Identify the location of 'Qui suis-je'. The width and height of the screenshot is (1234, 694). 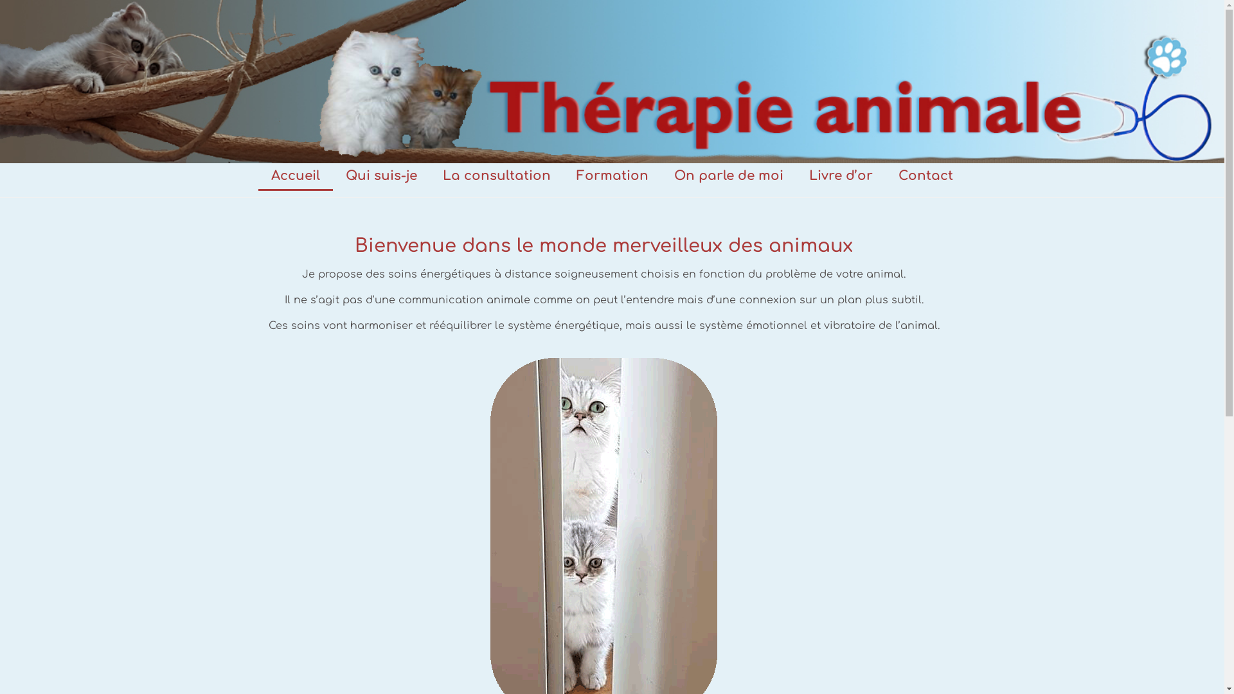
(380, 175).